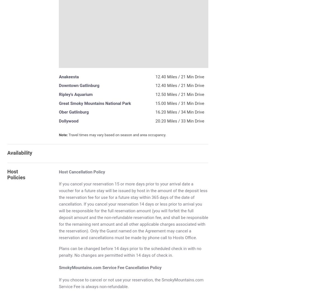 The height and width of the screenshot is (292, 322). Describe the element at coordinates (58, 94) in the screenshot. I see `'Ripley's Aquarium'` at that location.